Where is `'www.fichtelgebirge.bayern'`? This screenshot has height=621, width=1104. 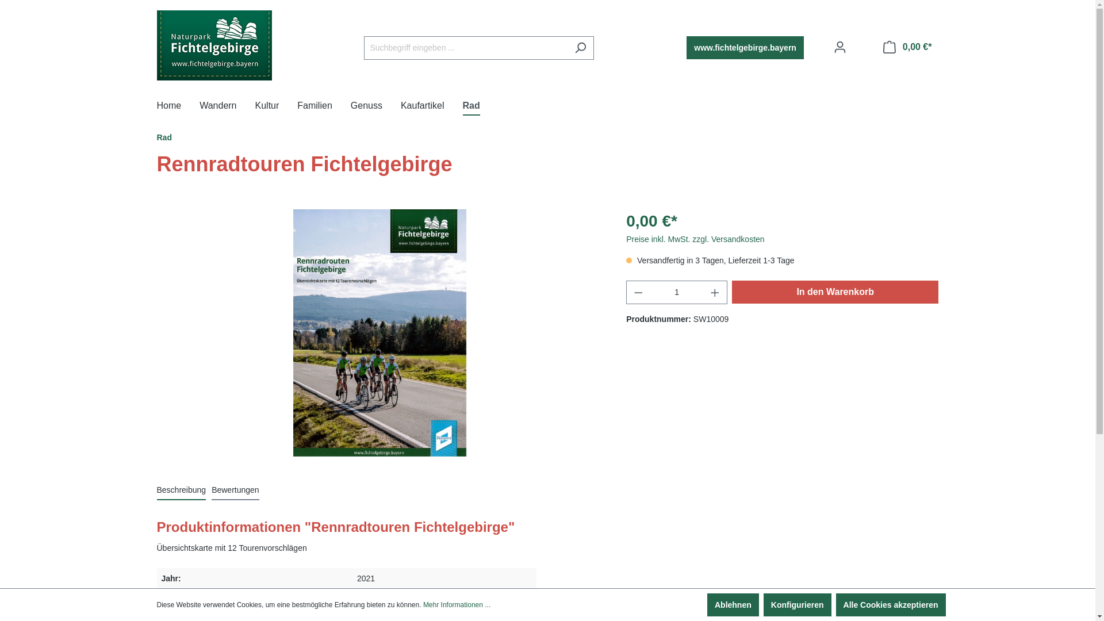 'www.fichtelgebirge.bayern' is located at coordinates (745, 47).